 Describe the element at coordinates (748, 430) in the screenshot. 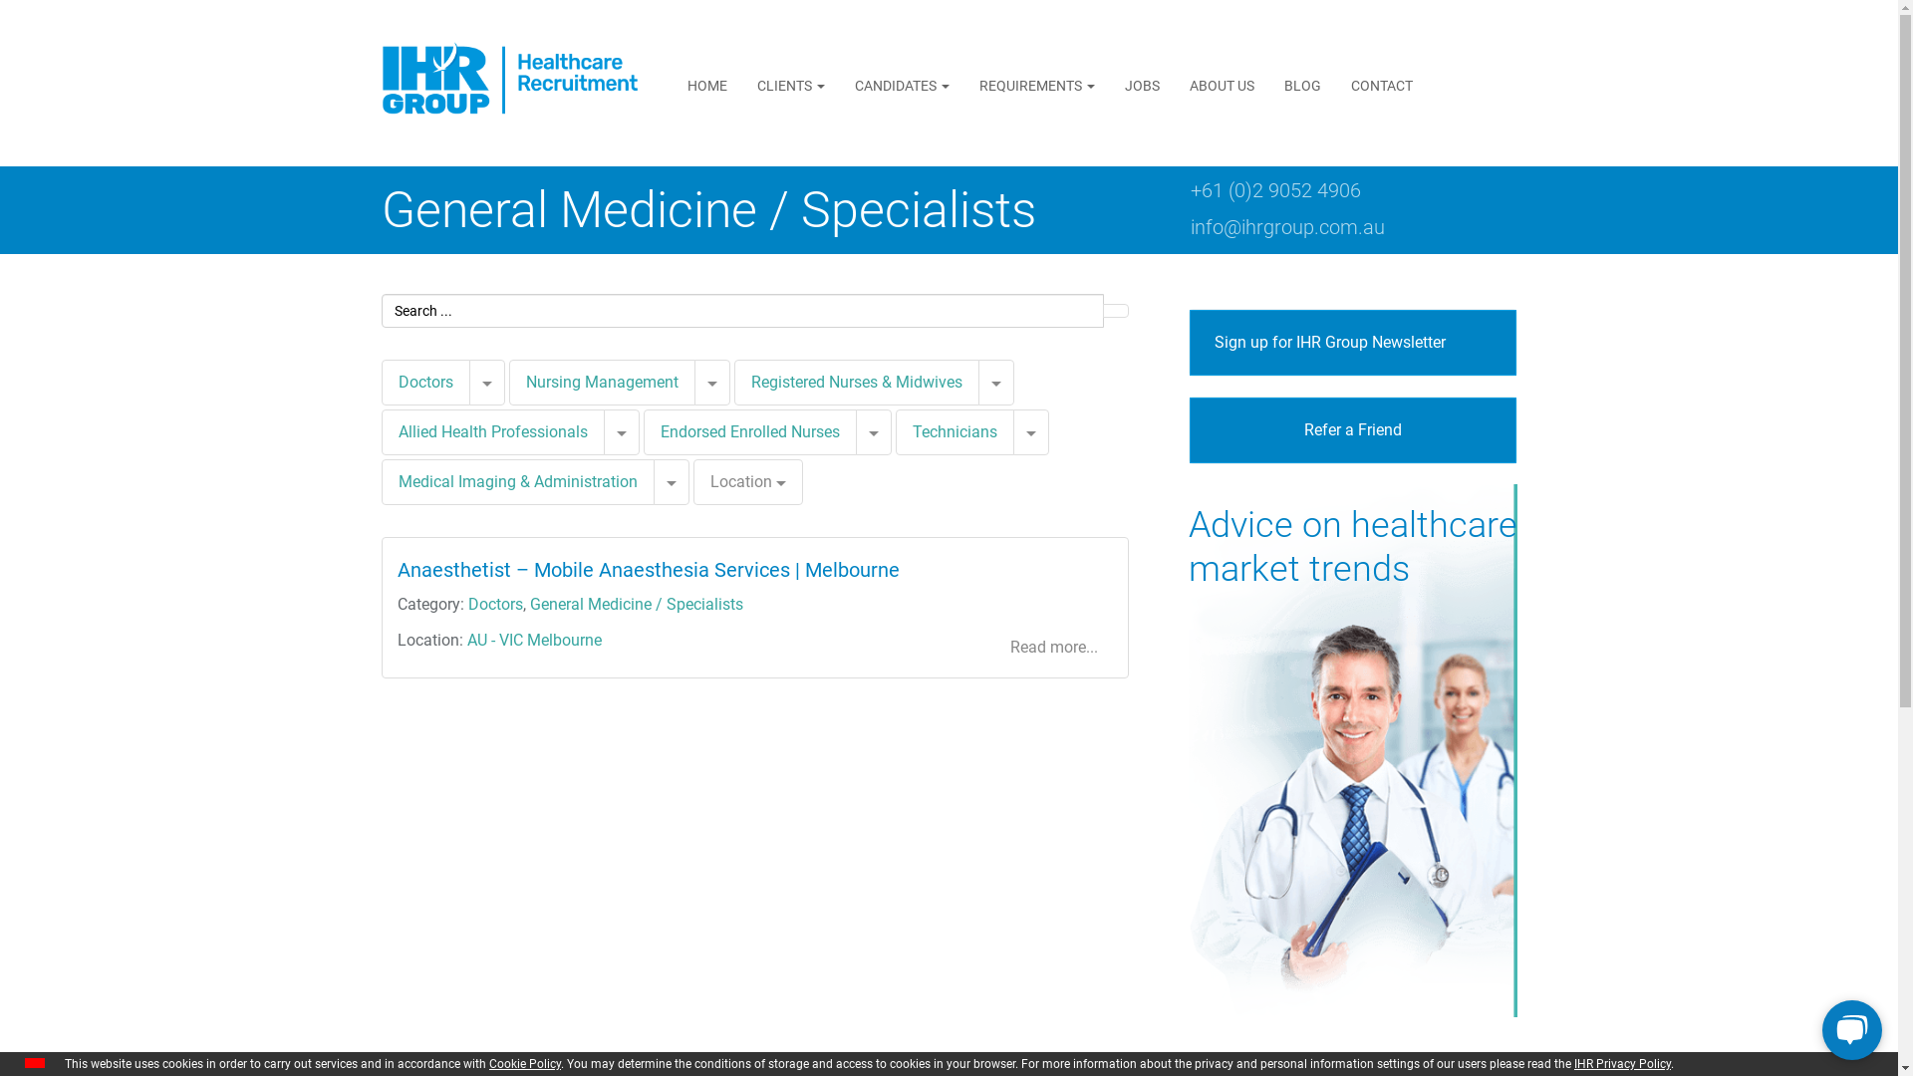

I see `'Endorsed Enrolled Nurses'` at that location.